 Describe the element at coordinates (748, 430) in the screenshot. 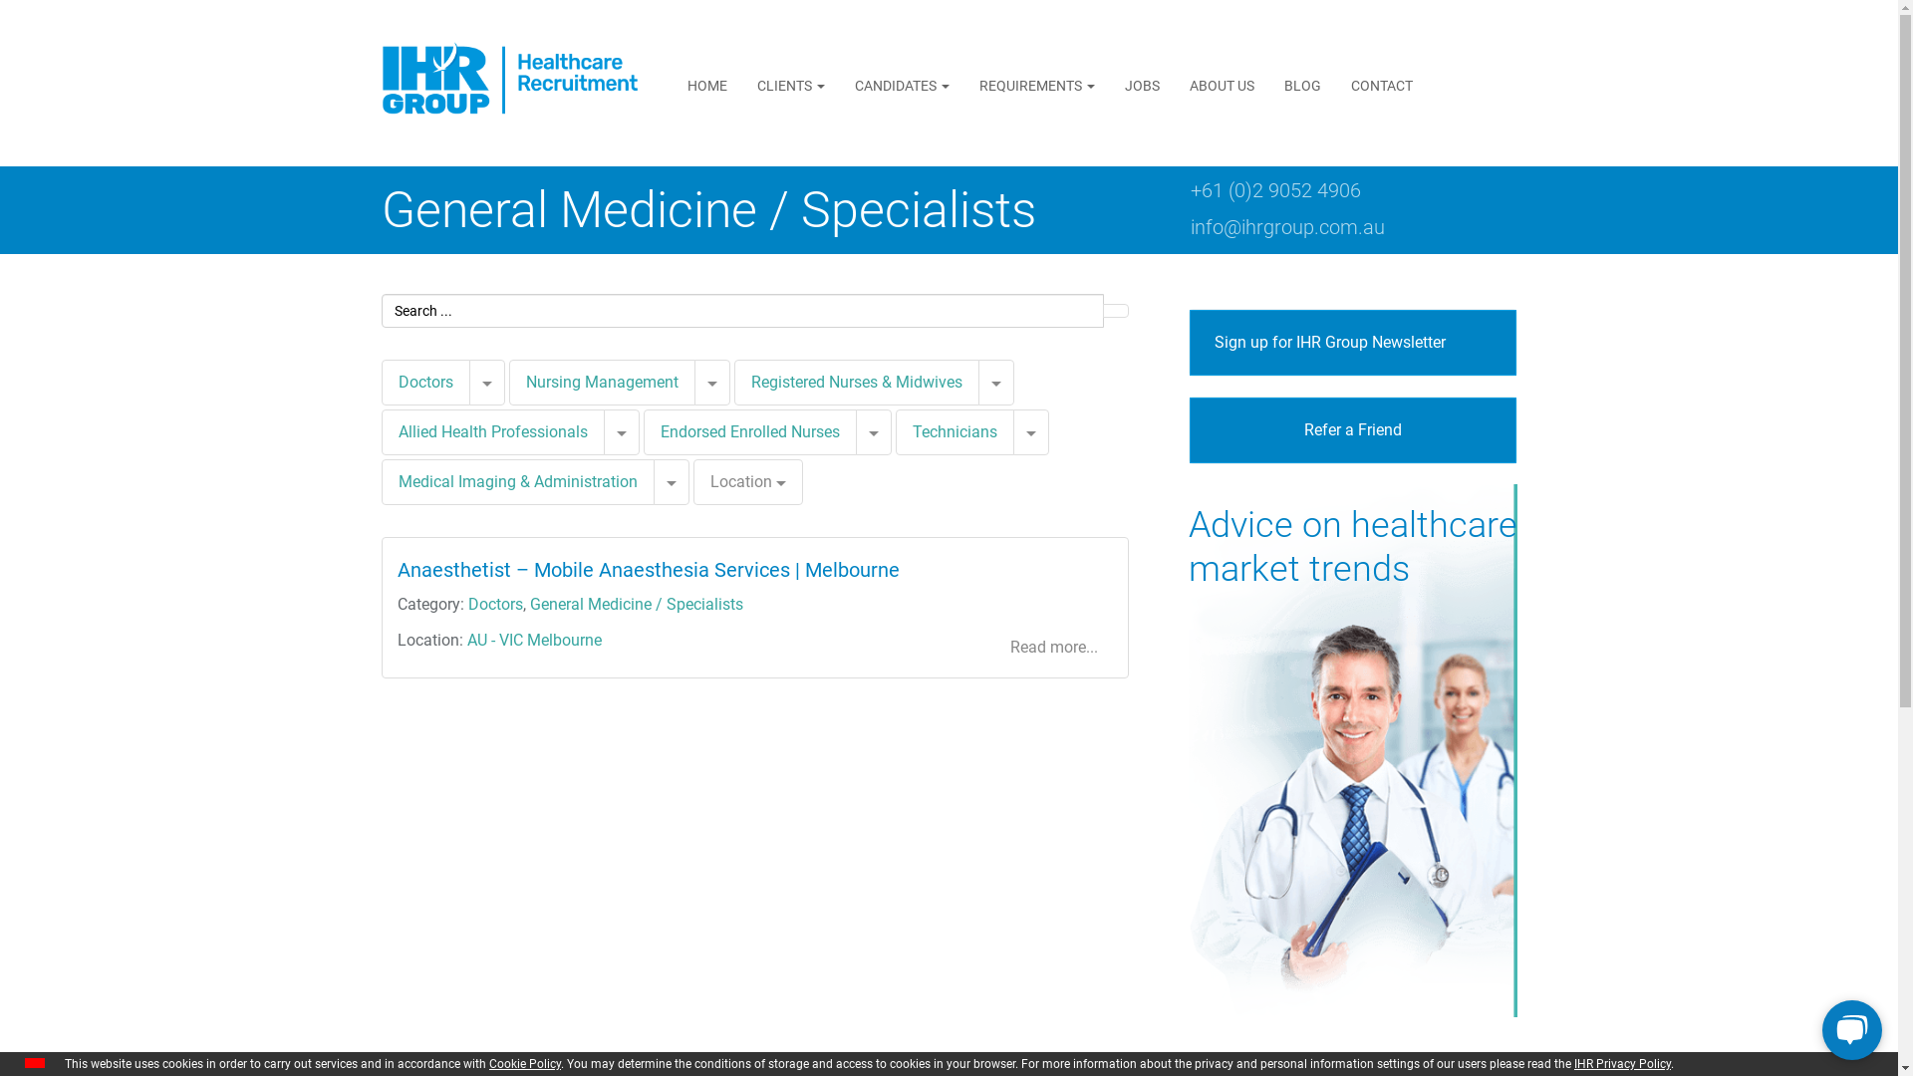

I see `'Endorsed Enrolled Nurses'` at that location.